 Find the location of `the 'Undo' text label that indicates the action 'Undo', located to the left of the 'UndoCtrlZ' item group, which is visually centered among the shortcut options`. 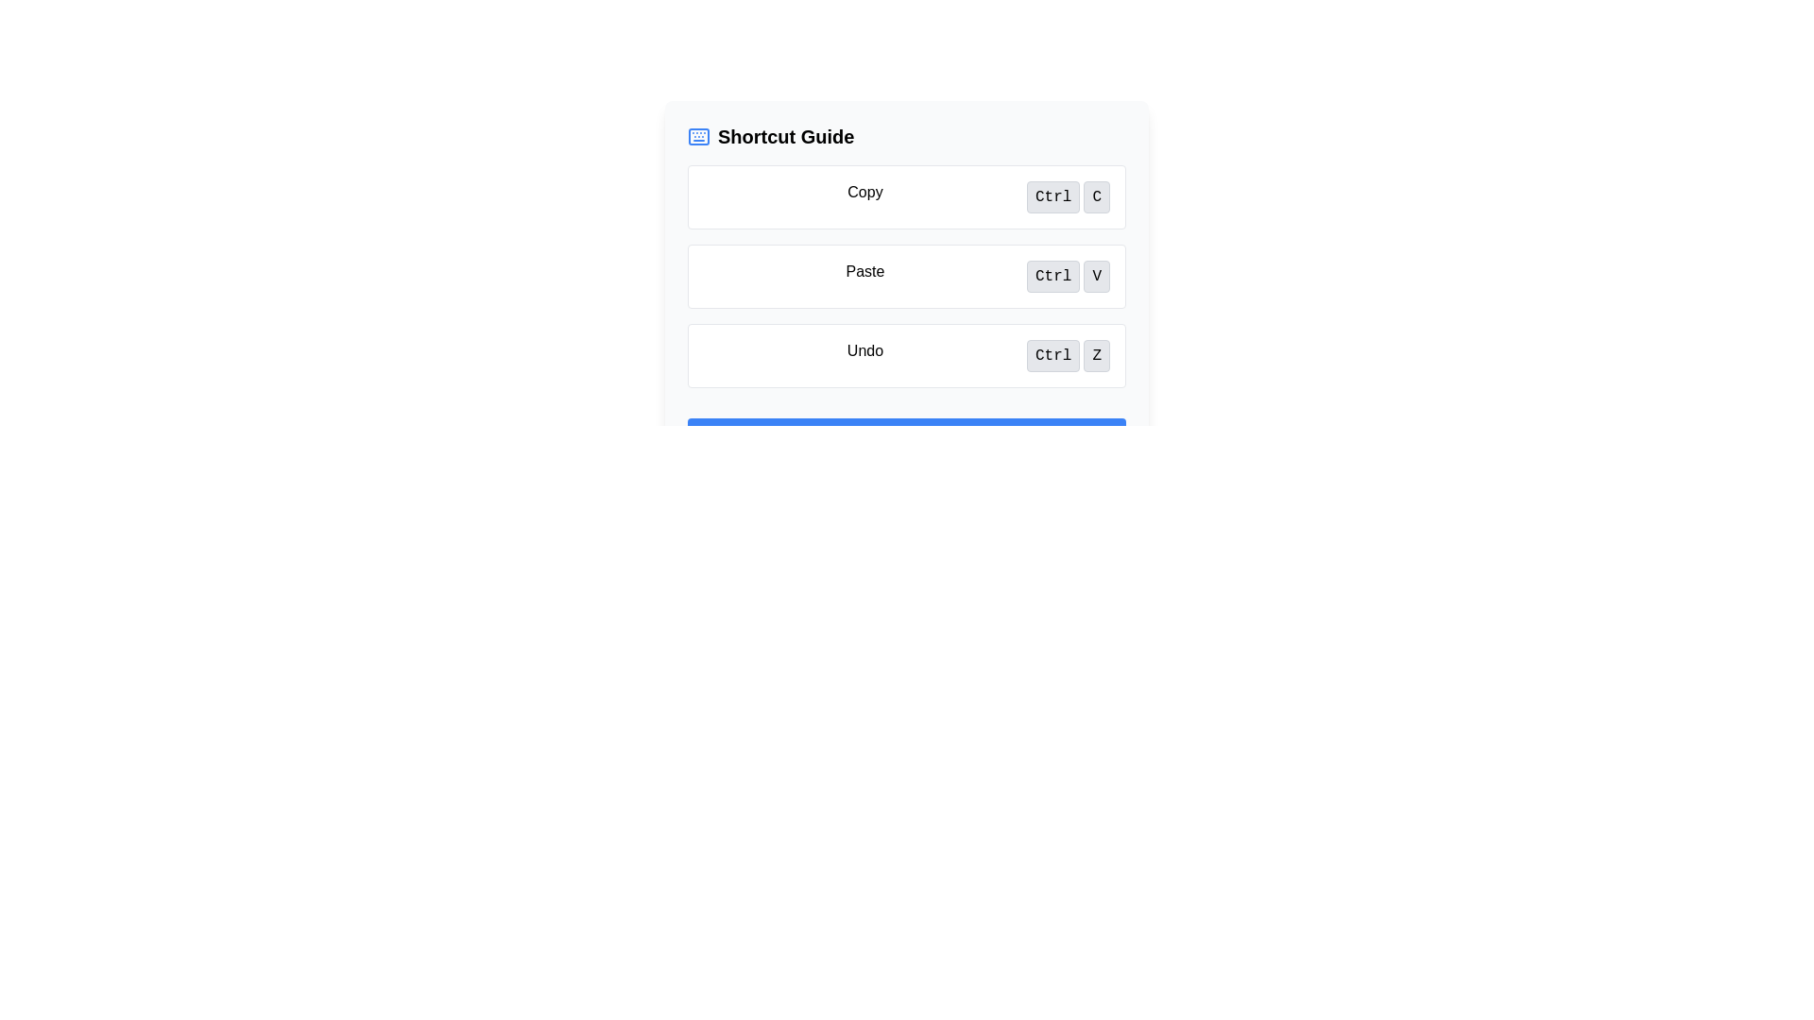

the 'Undo' text label that indicates the action 'Undo', located to the left of the 'UndoCtrlZ' item group, which is visually centered among the shortcut options is located at coordinates (864, 350).